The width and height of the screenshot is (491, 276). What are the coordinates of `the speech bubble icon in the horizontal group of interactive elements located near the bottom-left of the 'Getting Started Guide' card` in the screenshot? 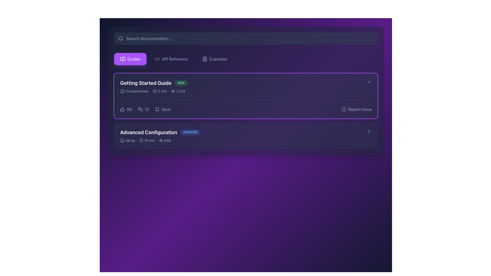 It's located at (145, 109).